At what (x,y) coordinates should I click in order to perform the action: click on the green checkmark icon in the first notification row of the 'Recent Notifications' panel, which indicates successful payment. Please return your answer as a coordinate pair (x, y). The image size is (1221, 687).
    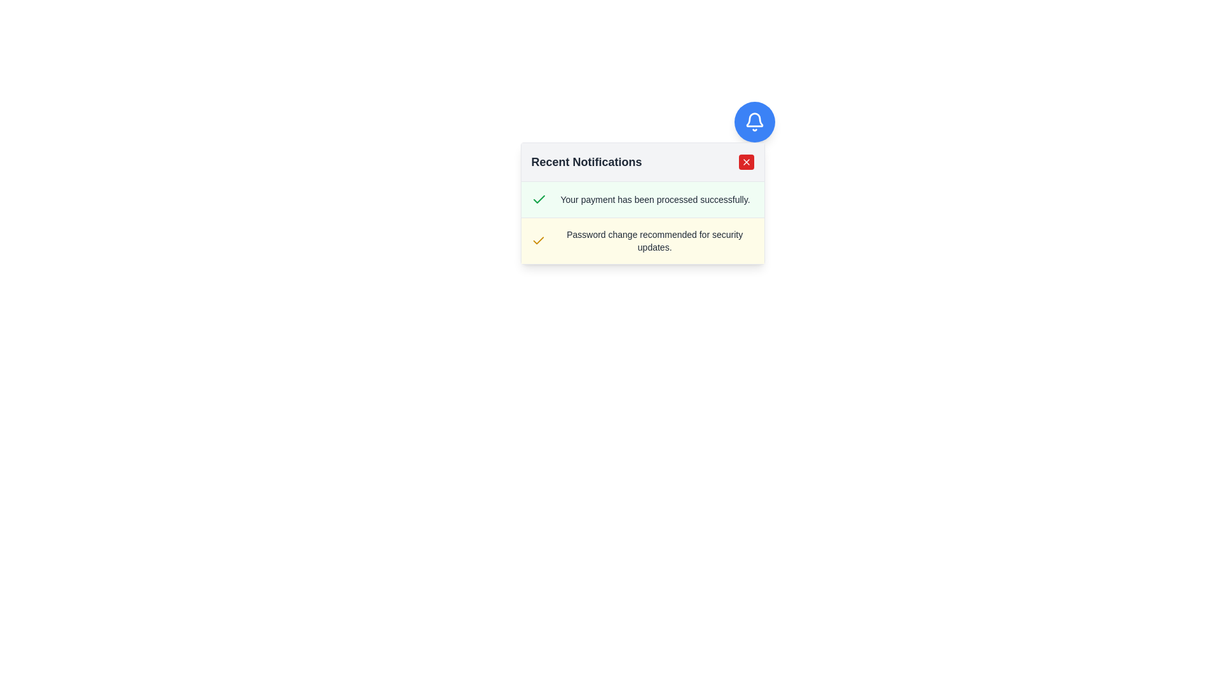
    Looking at the image, I should click on (539, 199).